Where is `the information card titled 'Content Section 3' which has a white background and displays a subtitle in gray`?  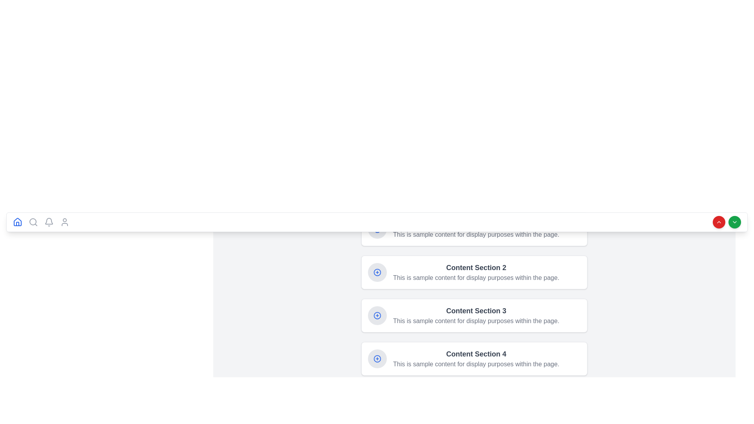 the information card titled 'Content Section 3' which has a white background and displays a subtitle in gray is located at coordinates (474, 315).